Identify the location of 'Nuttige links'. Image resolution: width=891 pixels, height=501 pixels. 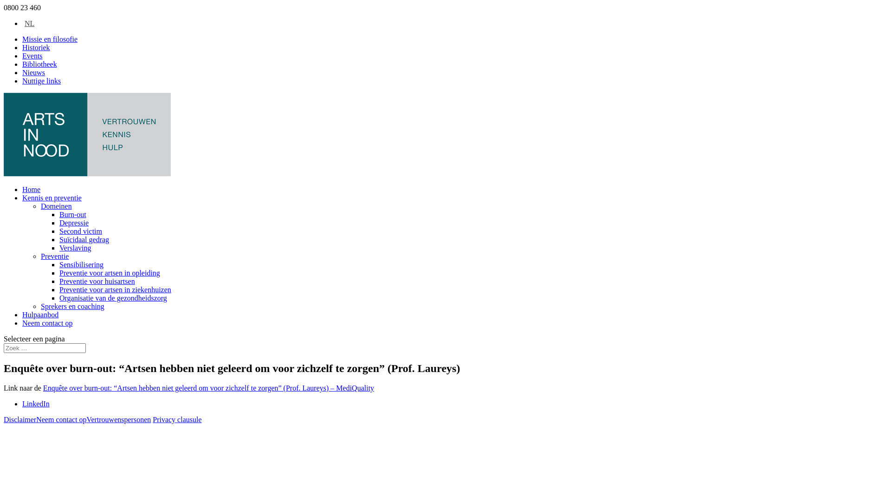
(41, 80).